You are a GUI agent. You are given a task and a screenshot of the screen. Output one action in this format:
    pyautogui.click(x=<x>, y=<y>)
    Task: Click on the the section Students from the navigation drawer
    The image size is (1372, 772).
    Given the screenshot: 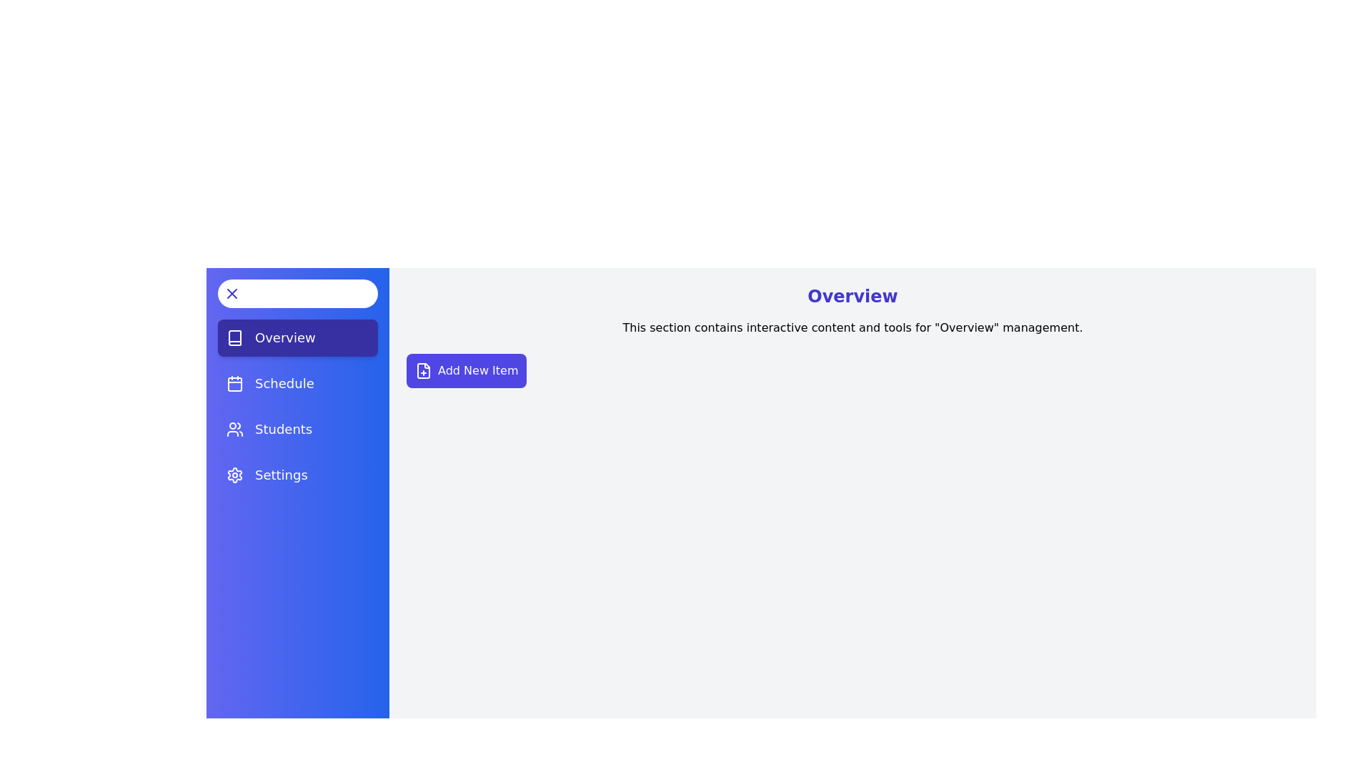 What is the action you would take?
    pyautogui.click(x=297, y=429)
    